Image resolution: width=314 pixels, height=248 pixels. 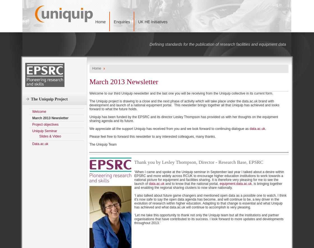 What do you see at coordinates (265, 128) in the screenshot?
I see `'.'` at bounding box center [265, 128].